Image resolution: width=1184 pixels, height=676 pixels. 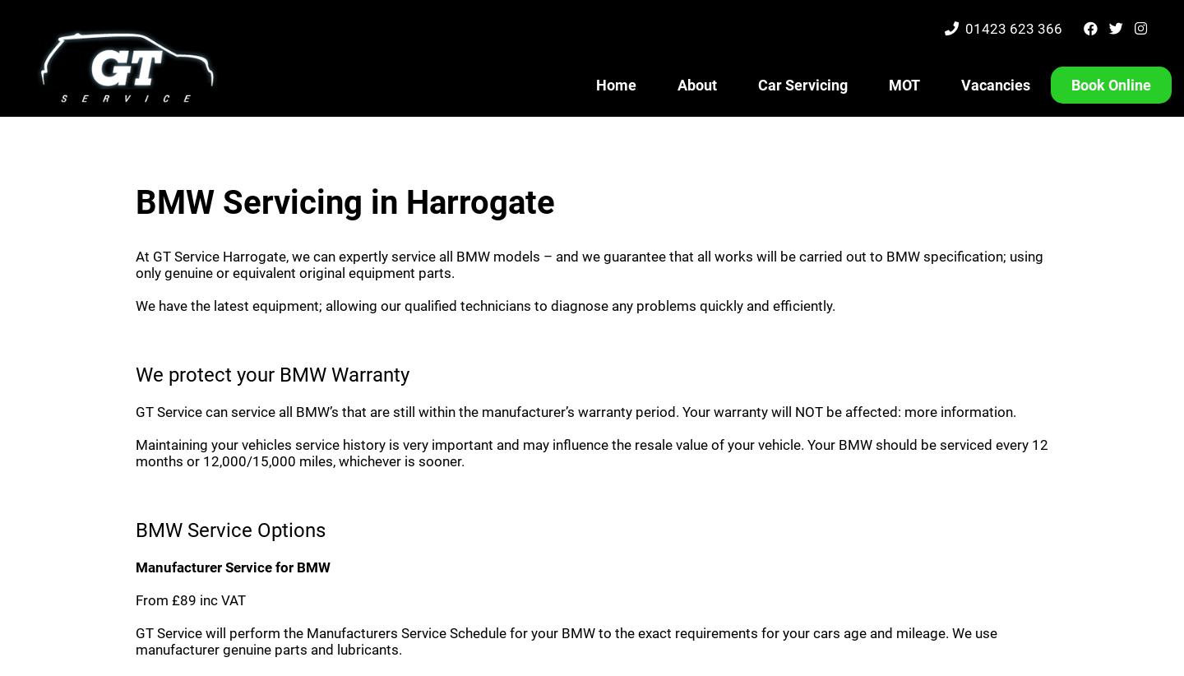 I want to click on 'From £89 inc VAT', so click(x=190, y=600).